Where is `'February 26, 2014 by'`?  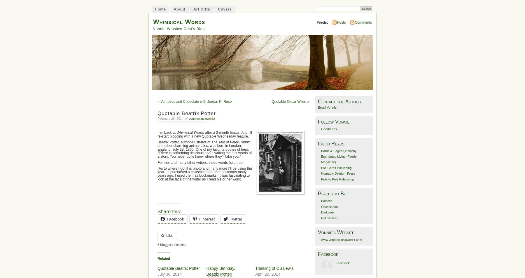 'February 26, 2014 by' is located at coordinates (157, 119).